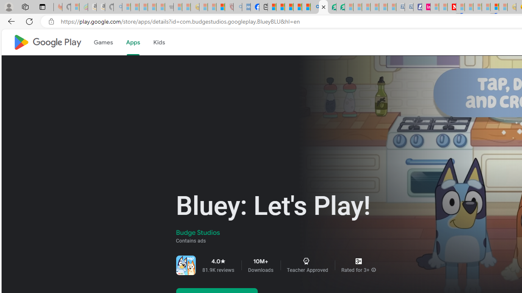 Image resolution: width=522 pixels, height=293 pixels. Describe the element at coordinates (168, 7) in the screenshot. I see `'Combat Siege'` at that location.